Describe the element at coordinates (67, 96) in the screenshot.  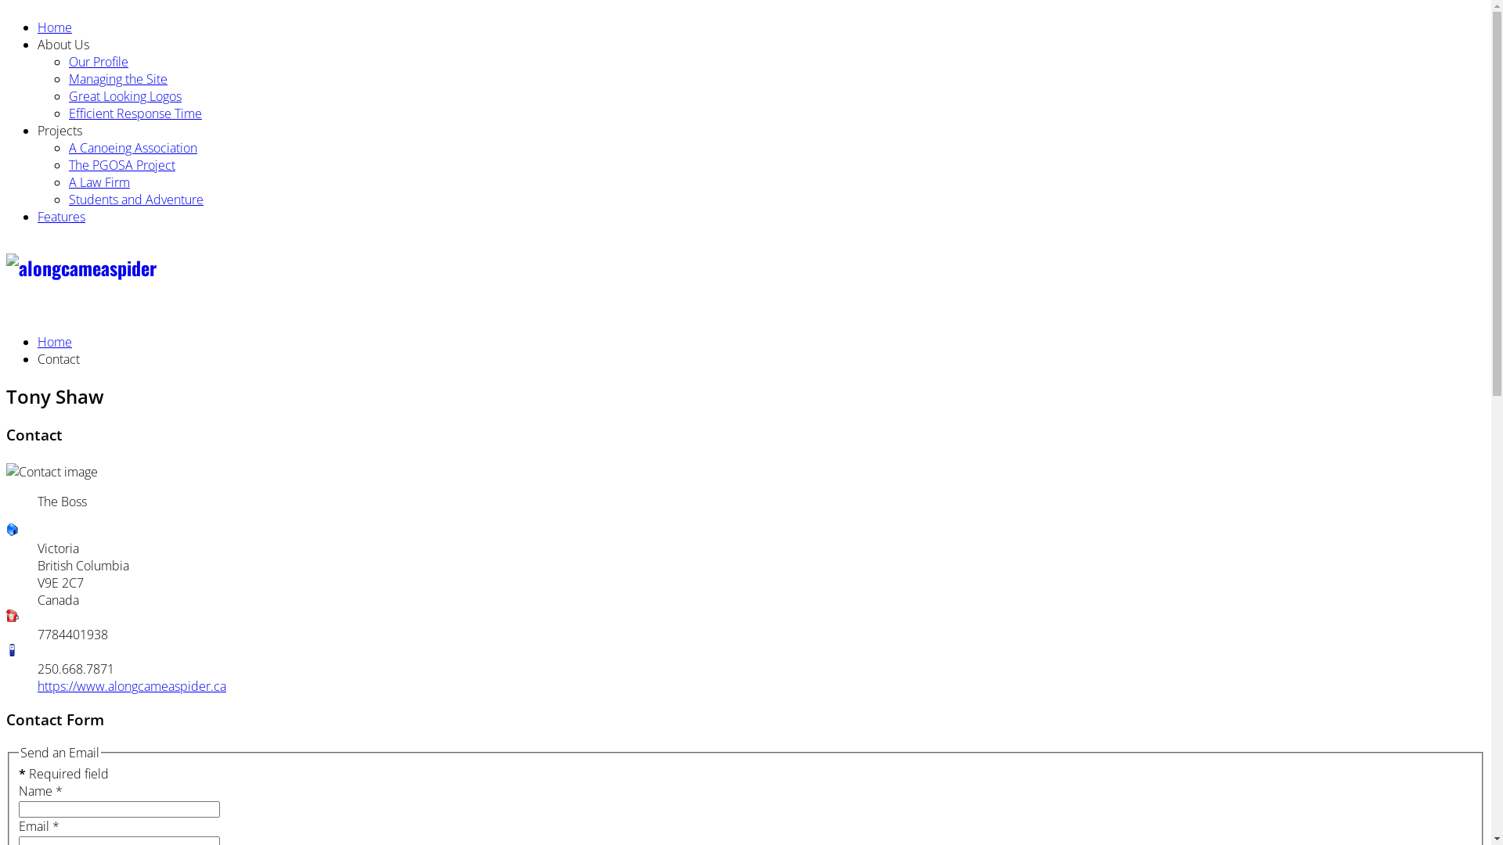
I see `'Great Looking Logos'` at that location.